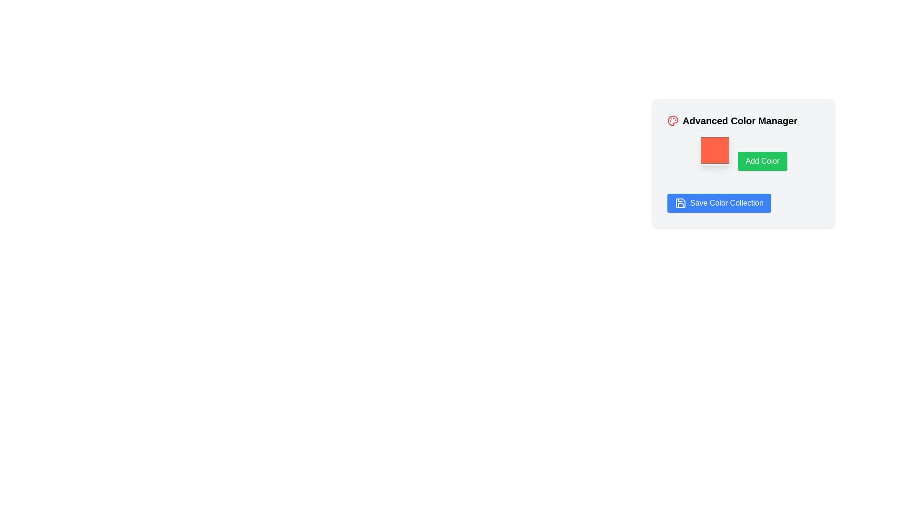  What do you see at coordinates (743, 163) in the screenshot?
I see `the button located under the title 'Advanced Color Manager'` at bounding box center [743, 163].